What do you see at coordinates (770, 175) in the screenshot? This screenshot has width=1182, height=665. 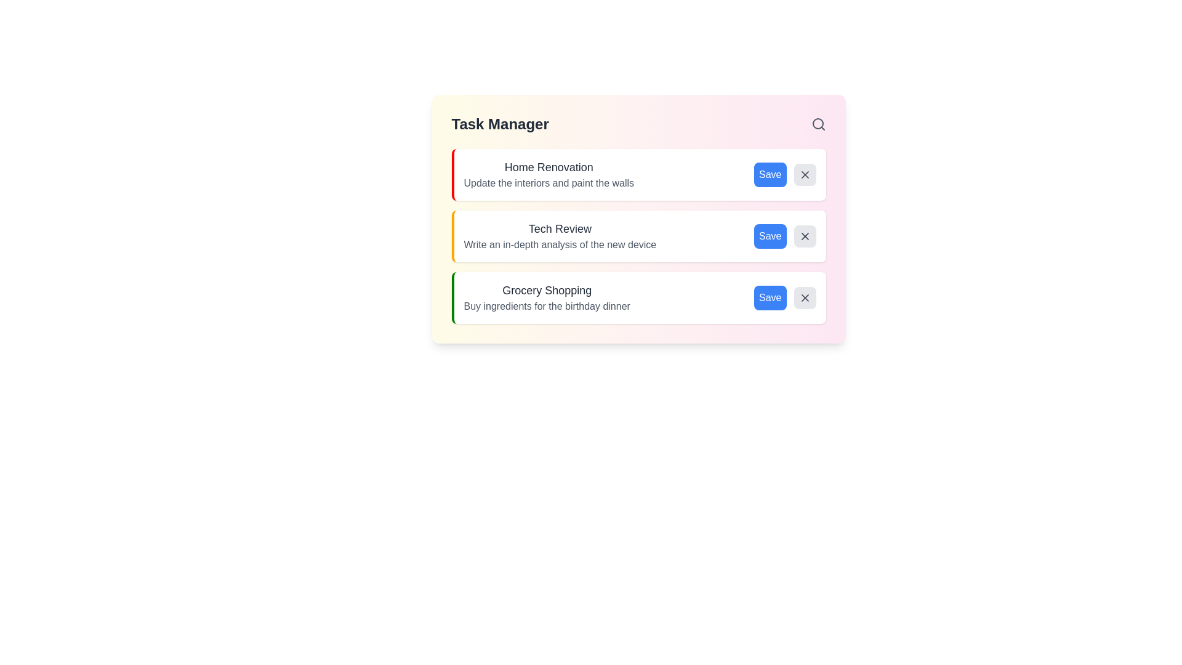 I see `the 'Save' button for the task item Home Renovation` at bounding box center [770, 175].